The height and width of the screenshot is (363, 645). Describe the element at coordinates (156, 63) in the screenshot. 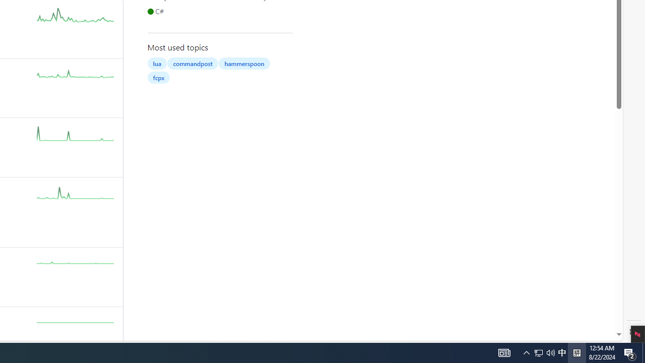

I see `'lua'` at that location.